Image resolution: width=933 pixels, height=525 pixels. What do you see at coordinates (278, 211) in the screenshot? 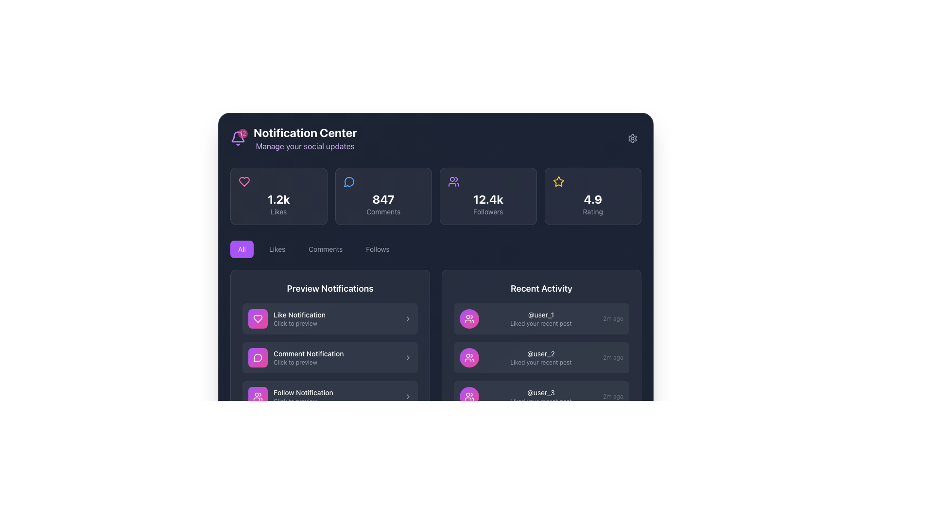
I see `the Text label that indicates the count of 'Likes', located below the '1.2k' value in the first card of the summary section under the 'Notification Center'` at bounding box center [278, 211].